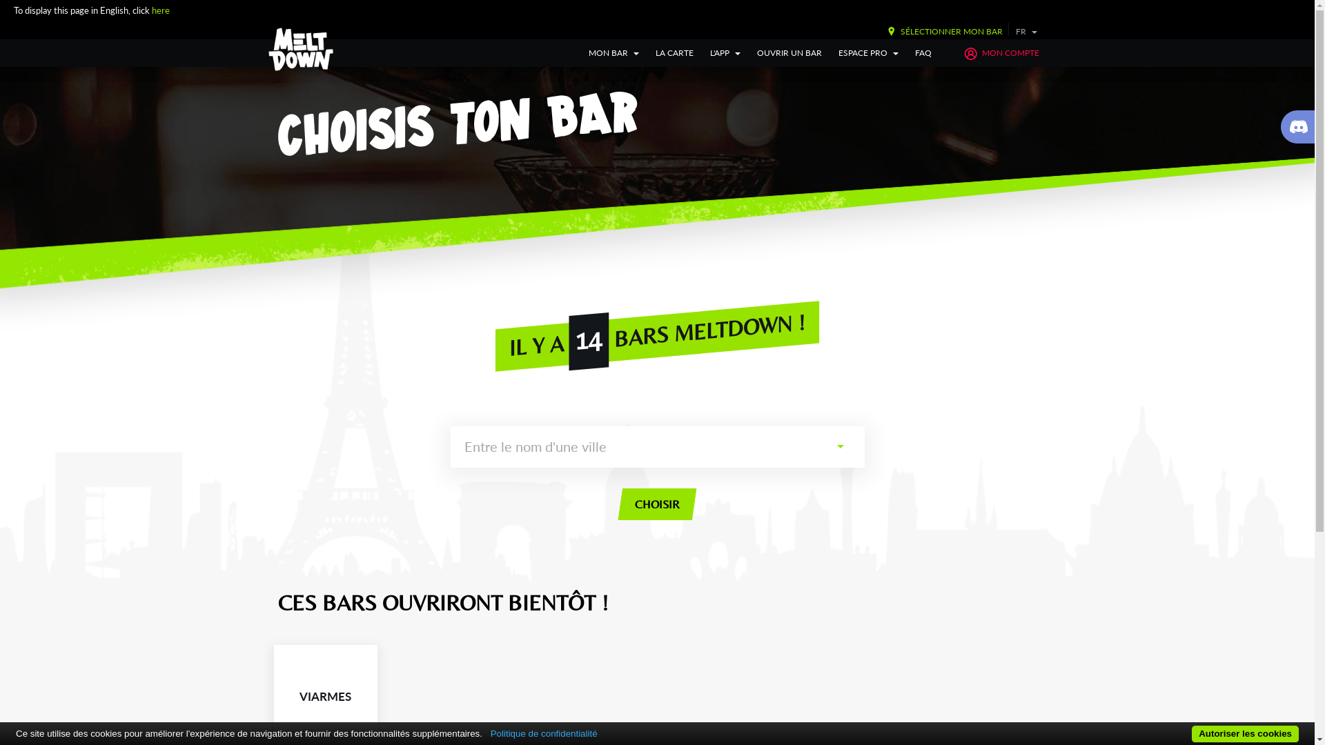  What do you see at coordinates (618, 504) in the screenshot?
I see `'CHOISIR'` at bounding box center [618, 504].